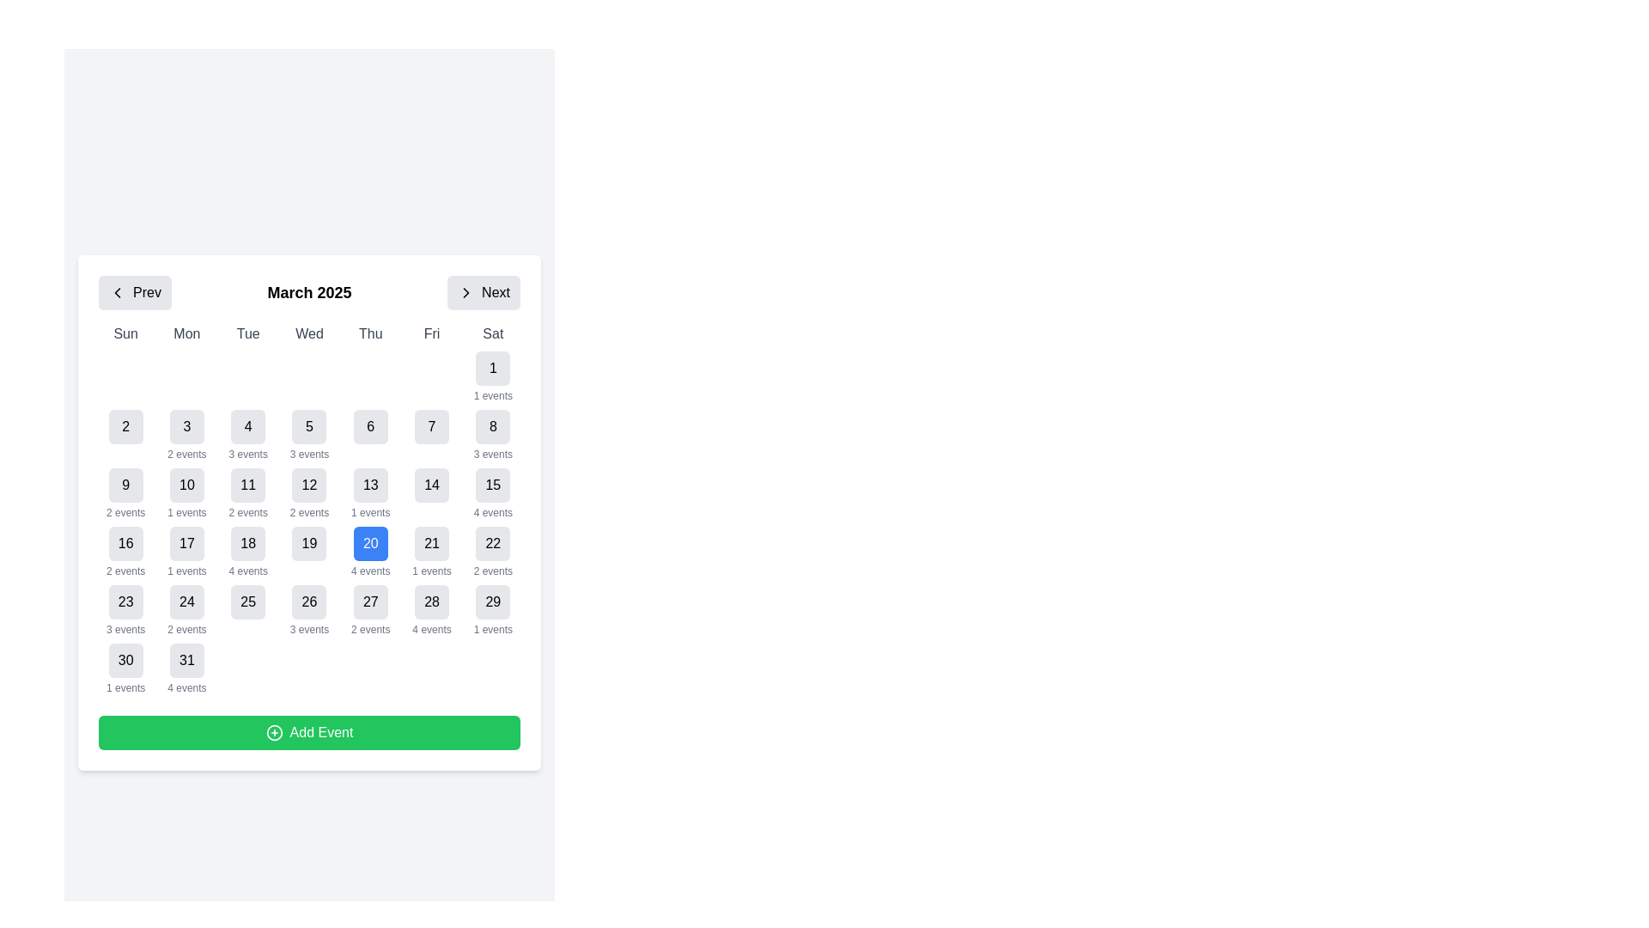  Describe the element at coordinates (369, 512) in the screenshot. I see `the text label displaying '1 events', which is a small, gray font located directly below the circular calendar representation of the day '1'` at that location.